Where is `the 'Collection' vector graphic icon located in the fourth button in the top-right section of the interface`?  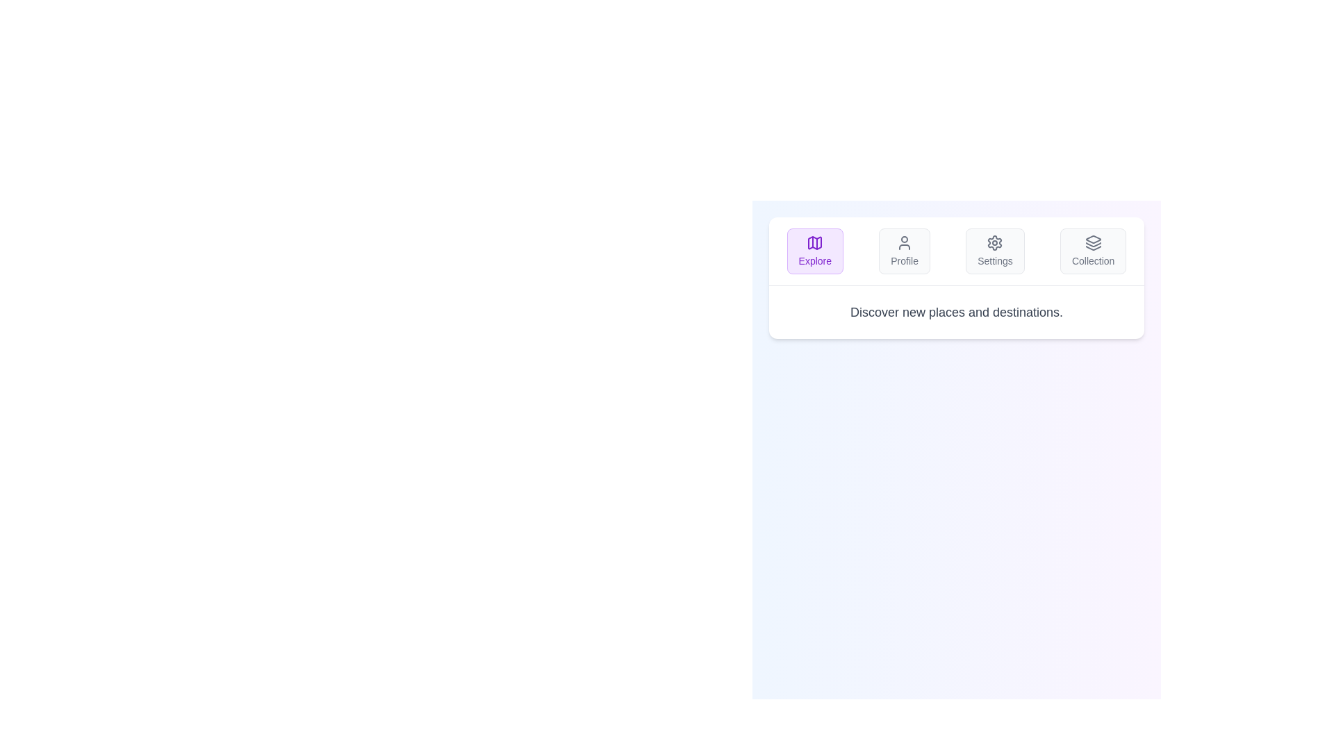
the 'Collection' vector graphic icon located in the fourth button in the top-right section of the interface is located at coordinates (1092, 242).